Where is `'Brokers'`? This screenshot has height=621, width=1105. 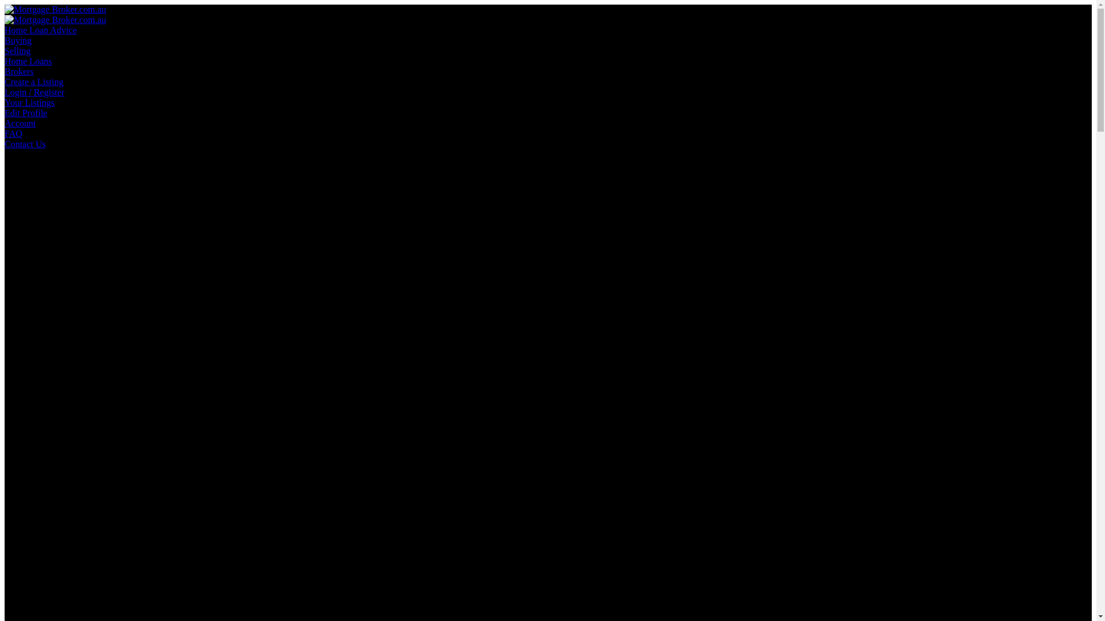 'Brokers' is located at coordinates (19, 71).